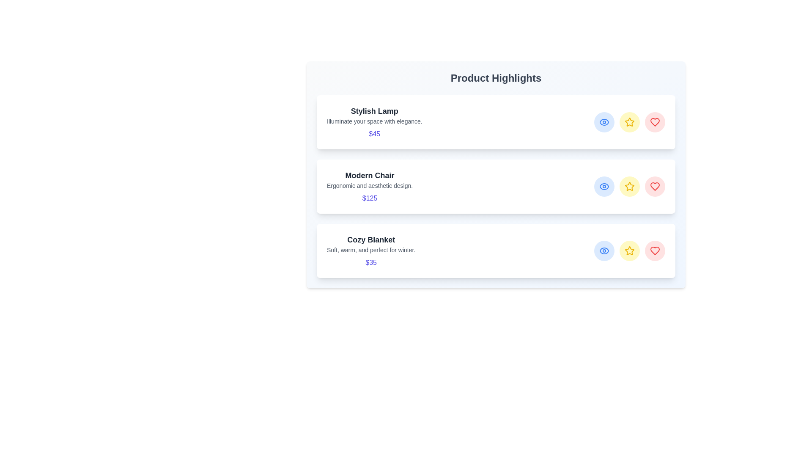 The image size is (812, 457). Describe the element at coordinates (655, 251) in the screenshot. I see `the like button for the Cozy Blanket product` at that location.